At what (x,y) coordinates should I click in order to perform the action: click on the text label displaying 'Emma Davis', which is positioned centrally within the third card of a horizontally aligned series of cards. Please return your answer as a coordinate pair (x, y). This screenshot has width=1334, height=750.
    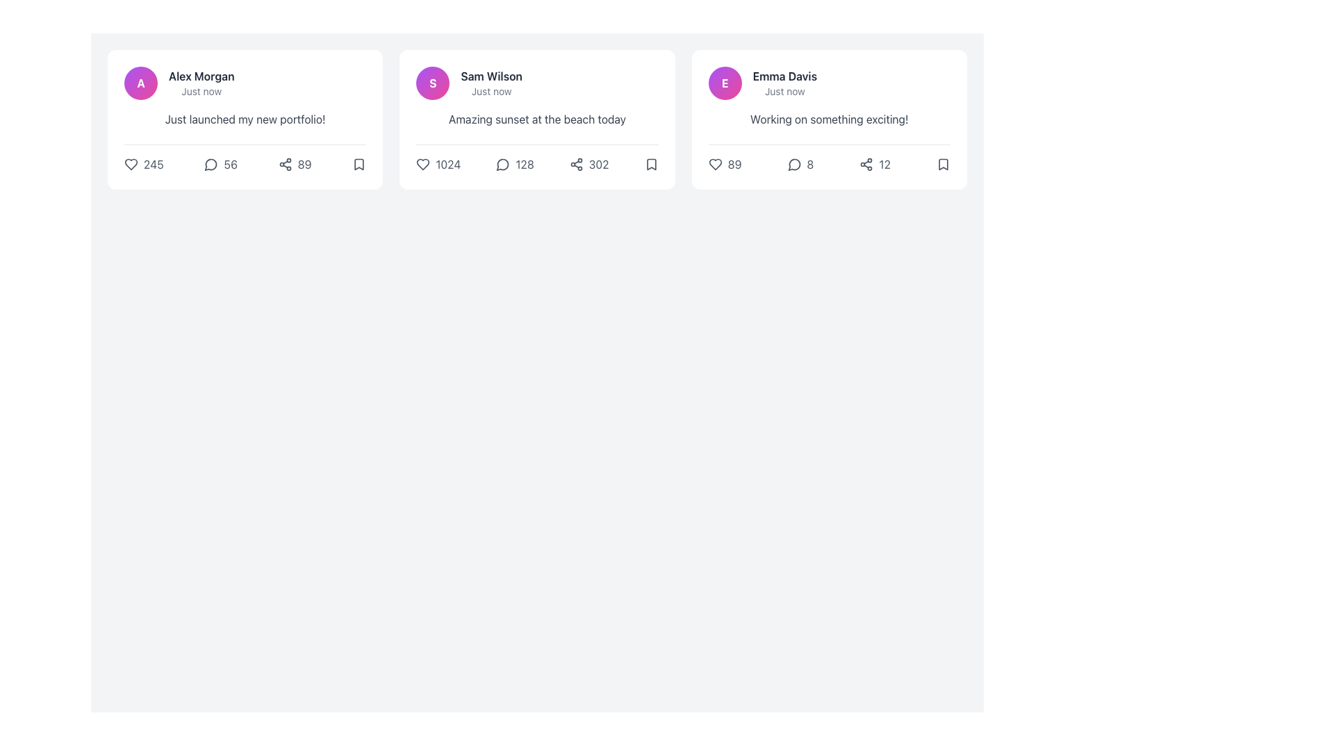
    Looking at the image, I should click on (784, 76).